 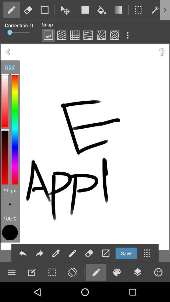 What do you see at coordinates (139, 9) in the screenshot?
I see `the frame icon` at bounding box center [139, 9].